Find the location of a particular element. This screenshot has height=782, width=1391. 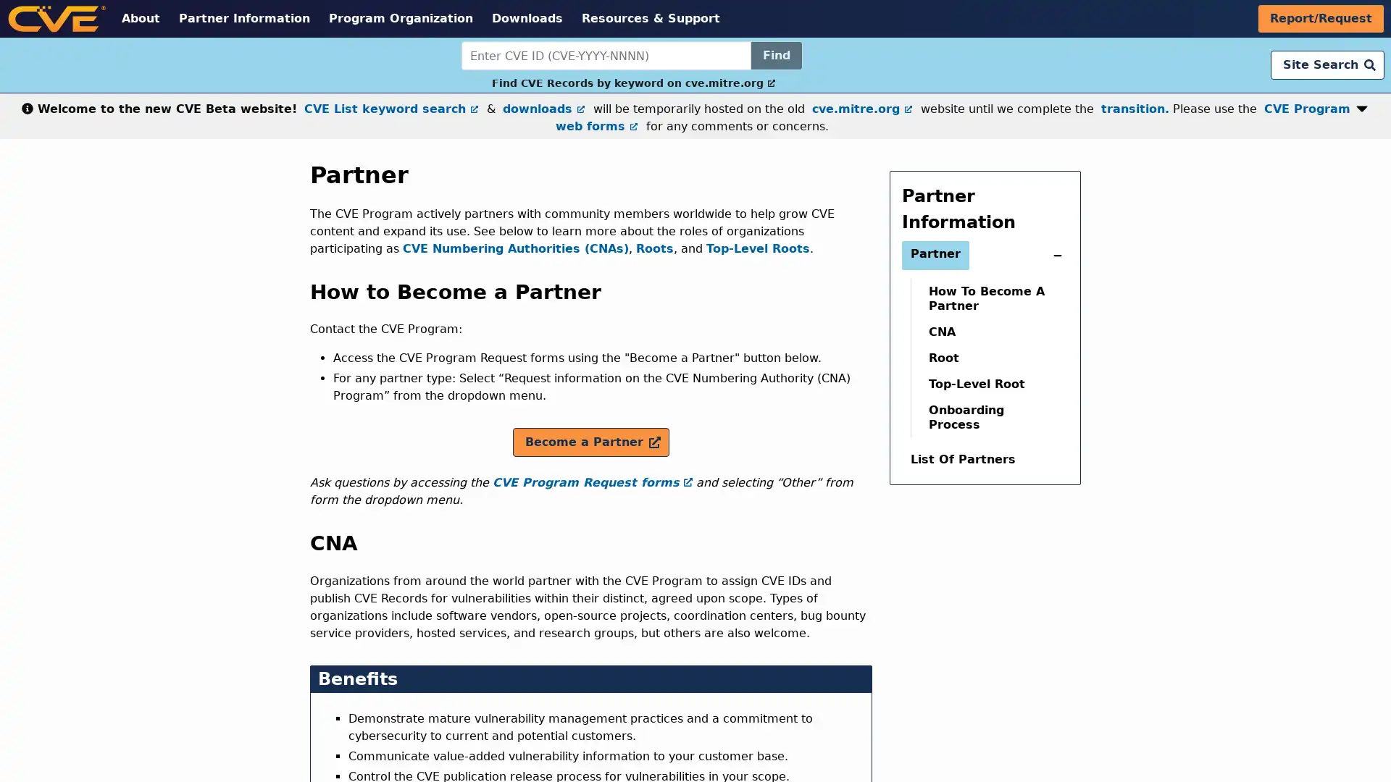

Expand or collapse notification button is located at coordinates (1362, 105).